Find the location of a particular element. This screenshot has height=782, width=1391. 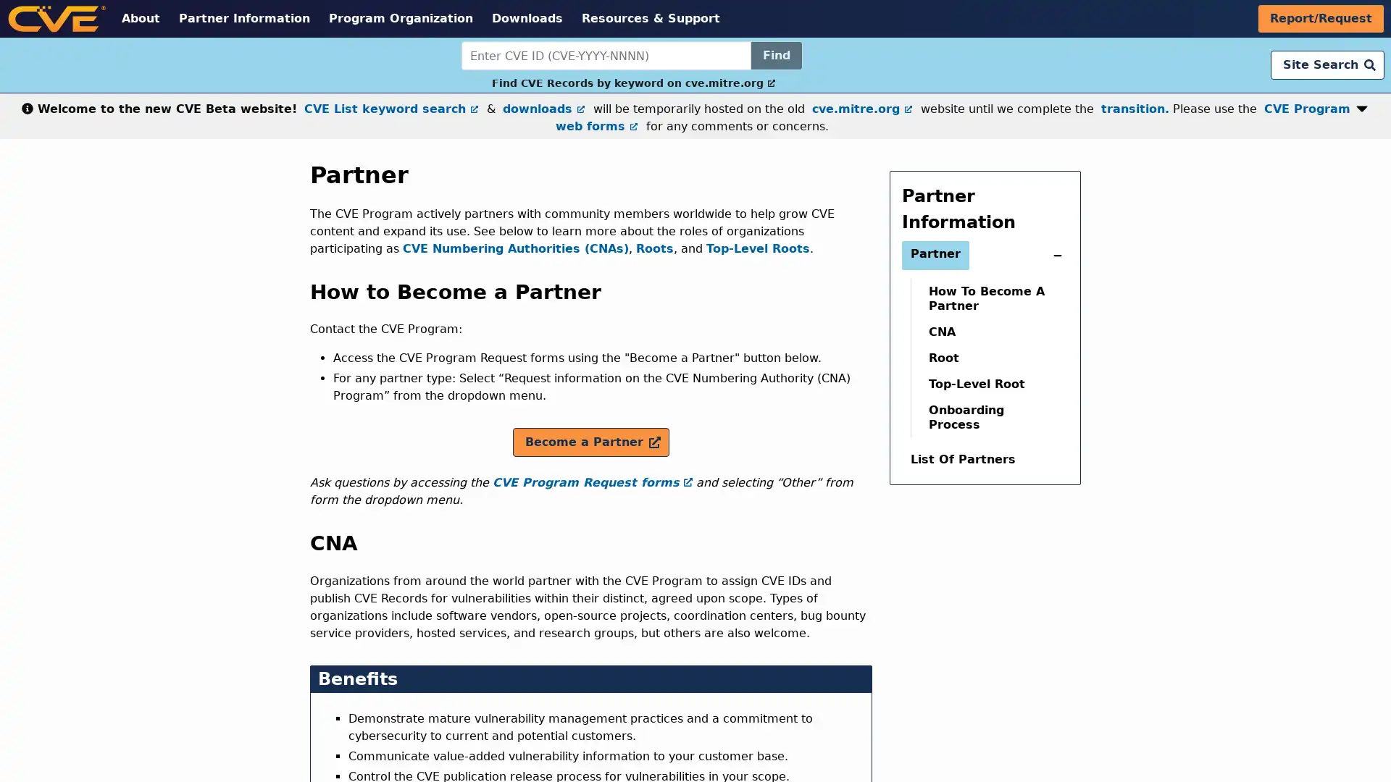

Expand or collapse notification button is located at coordinates (1362, 105).